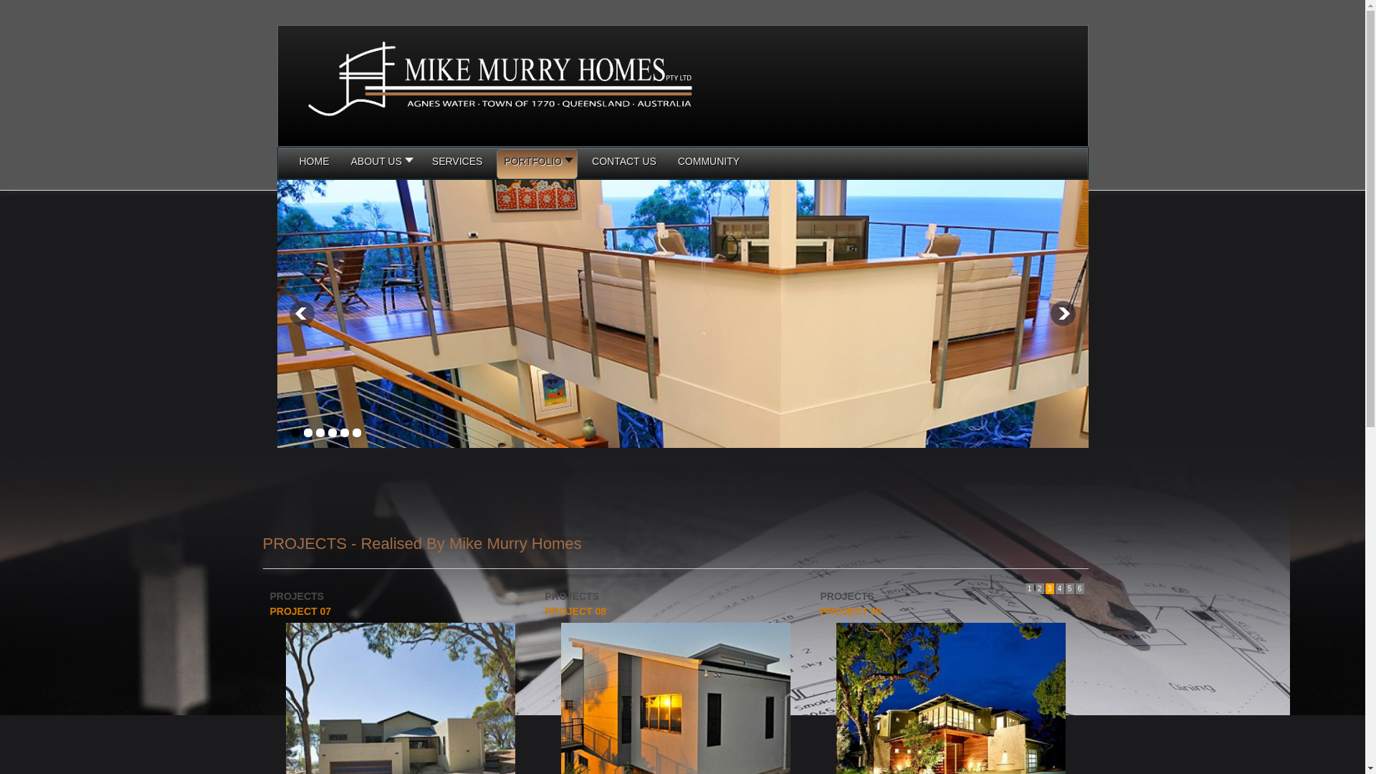 Image resolution: width=1376 pixels, height=774 pixels. What do you see at coordinates (313, 164) in the screenshot?
I see `'HOME'` at bounding box center [313, 164].